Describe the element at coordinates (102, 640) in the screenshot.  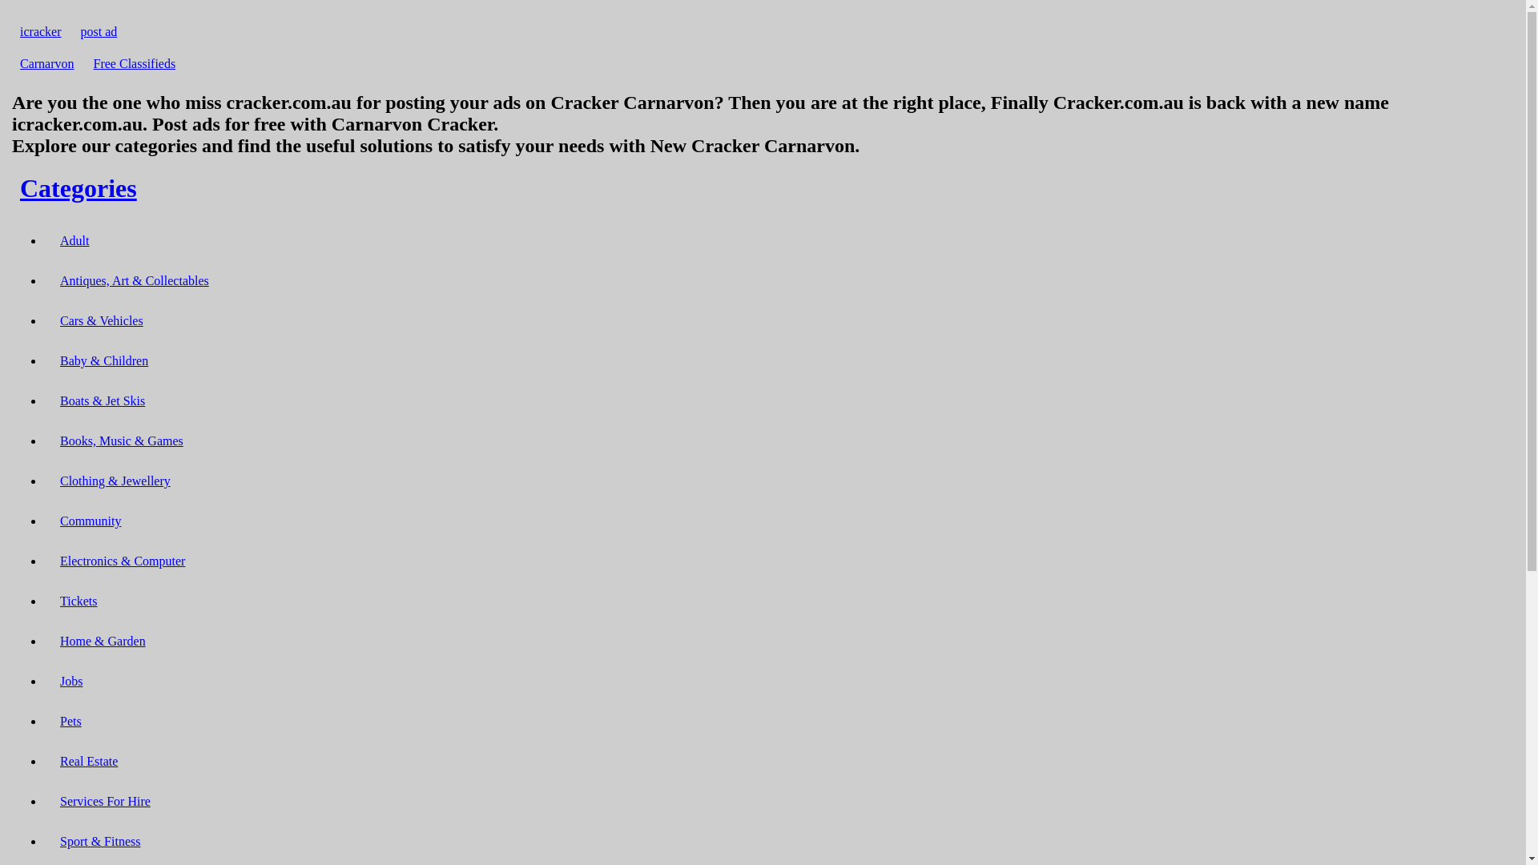
I see `'Home & Garden'` at that location.